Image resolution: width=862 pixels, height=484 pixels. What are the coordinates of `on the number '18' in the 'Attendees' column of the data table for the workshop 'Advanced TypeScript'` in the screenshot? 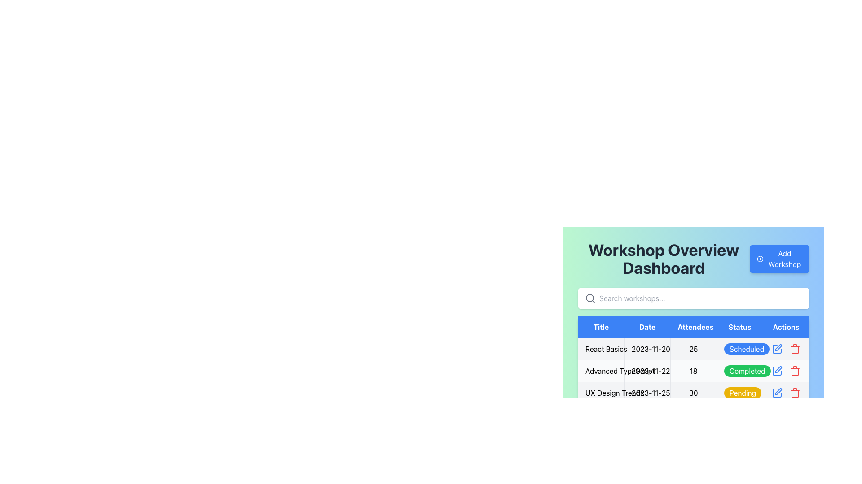 It's located at (693, 371).